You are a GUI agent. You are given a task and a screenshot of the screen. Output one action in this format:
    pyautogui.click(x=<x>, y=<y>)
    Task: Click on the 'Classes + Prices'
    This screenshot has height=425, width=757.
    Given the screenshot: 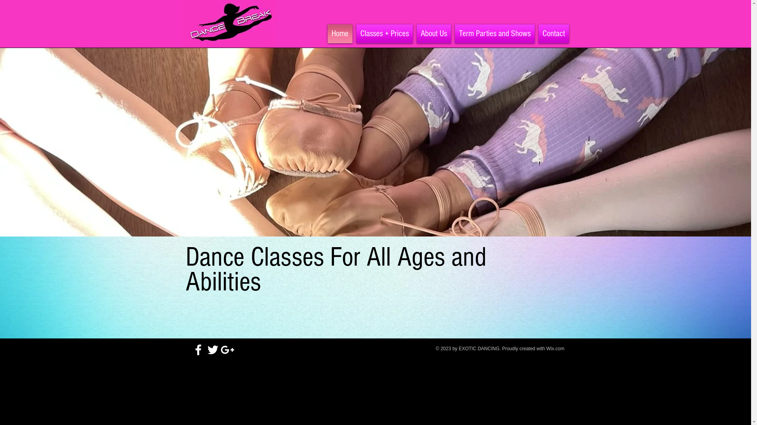 What is the action you would take?
    pyautogui.click(x=353, y=33)
    